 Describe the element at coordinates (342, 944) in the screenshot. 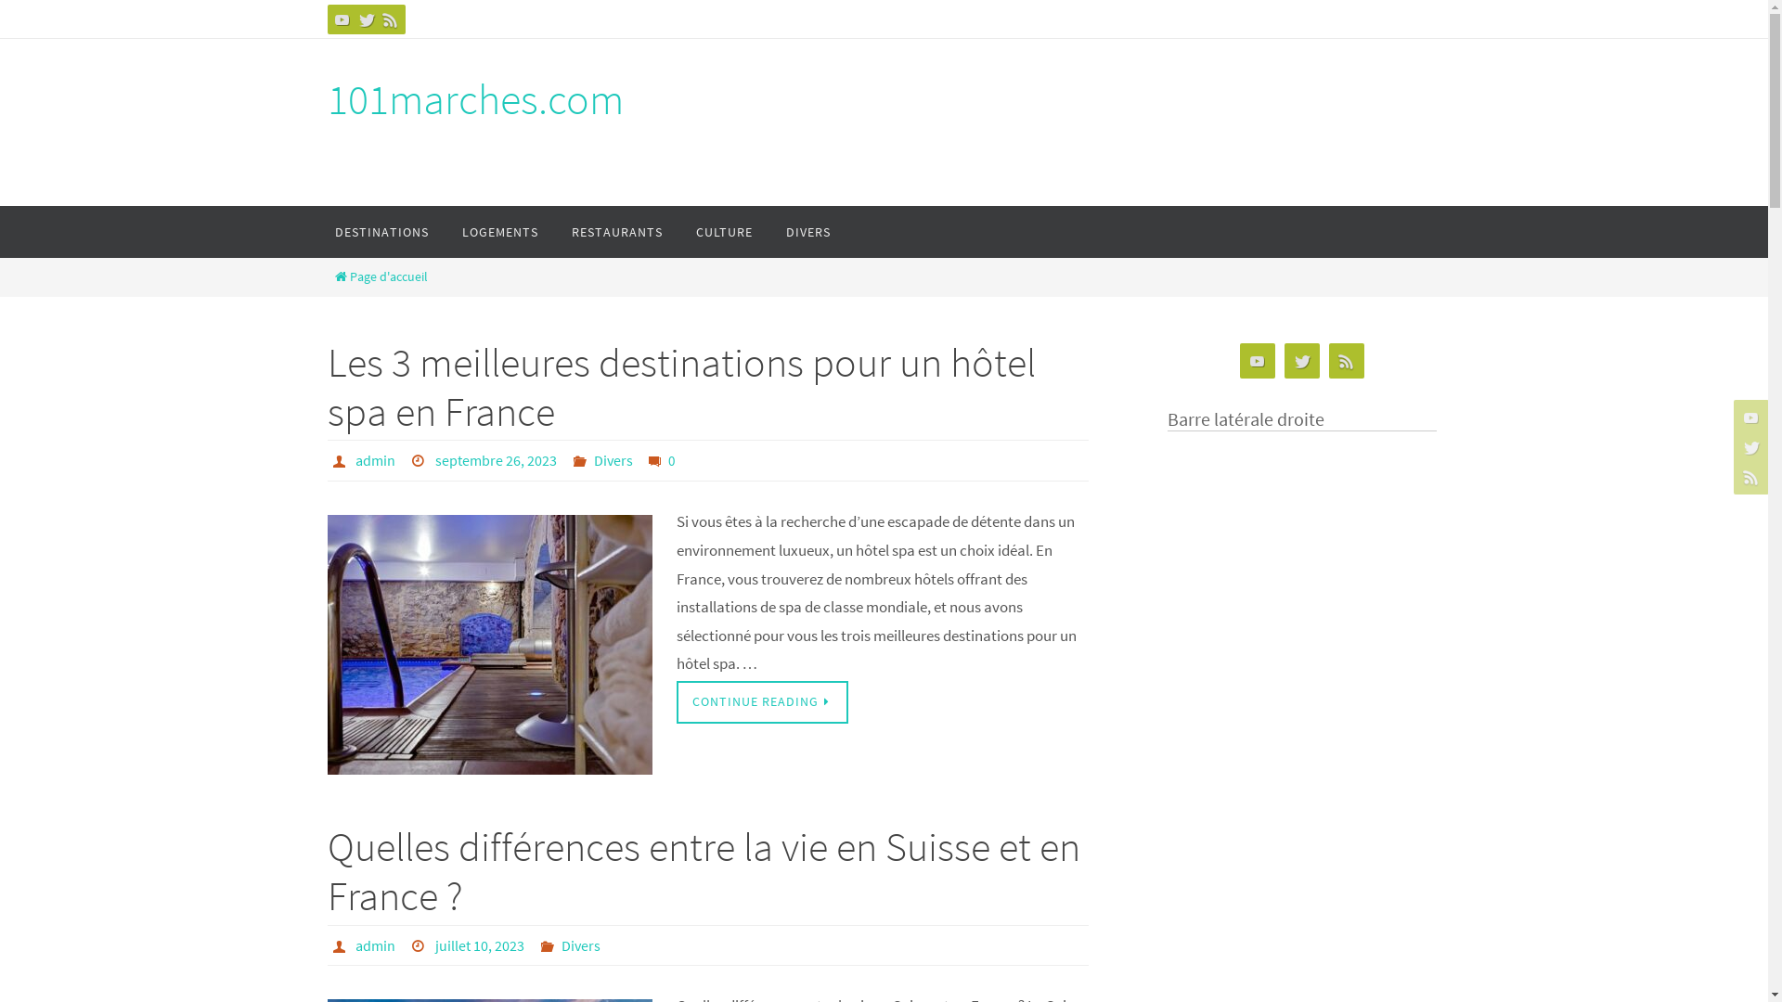

I see `'Auteur'` at that location.